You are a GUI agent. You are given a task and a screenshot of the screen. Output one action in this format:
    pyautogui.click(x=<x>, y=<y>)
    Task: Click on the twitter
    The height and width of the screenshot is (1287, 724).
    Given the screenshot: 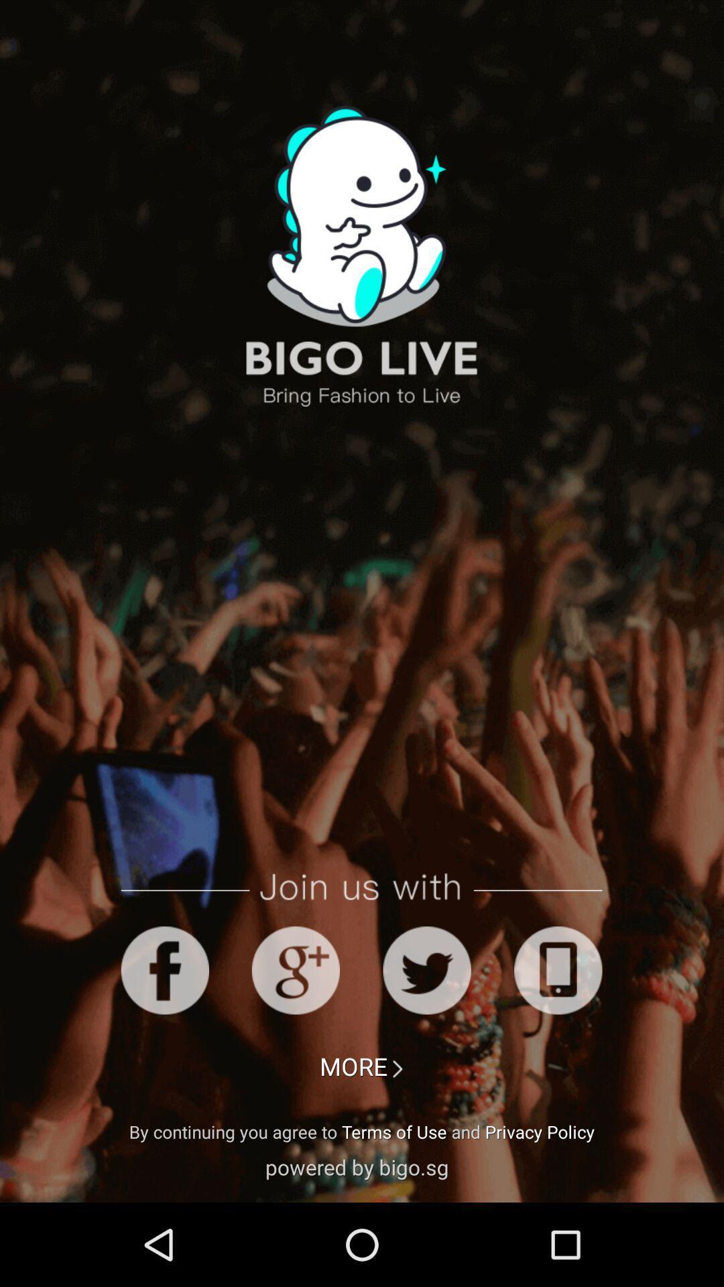 What is the action you would take?
    pyautogui.click(x=427, y=970)
    